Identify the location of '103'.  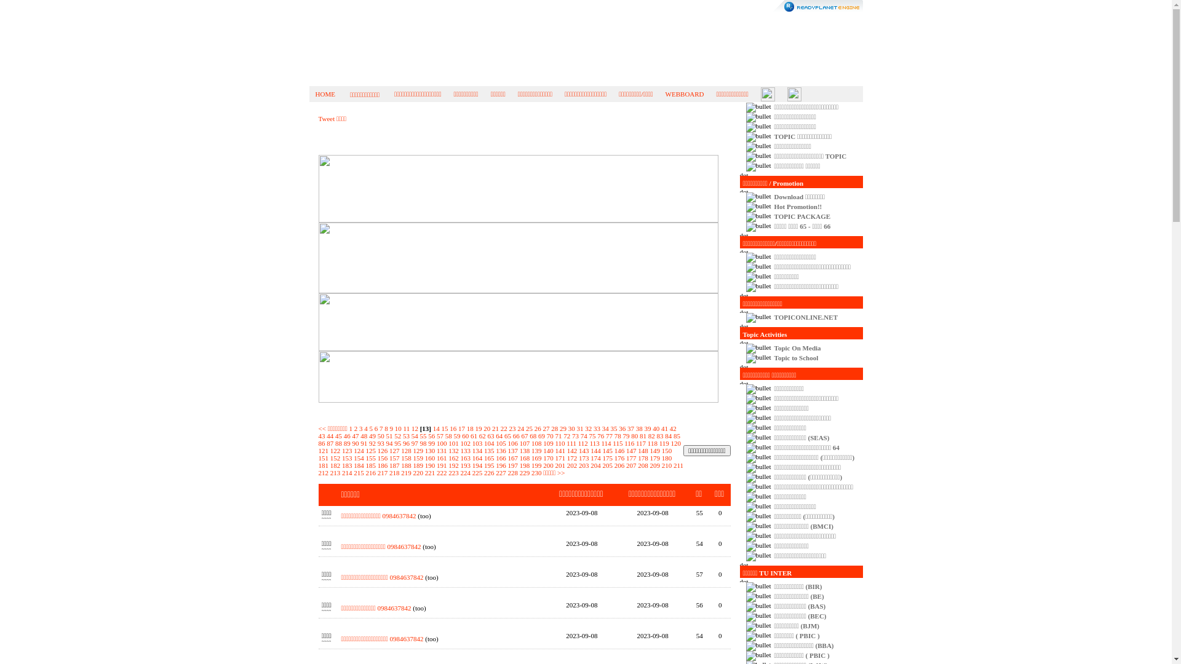
(477, 443).